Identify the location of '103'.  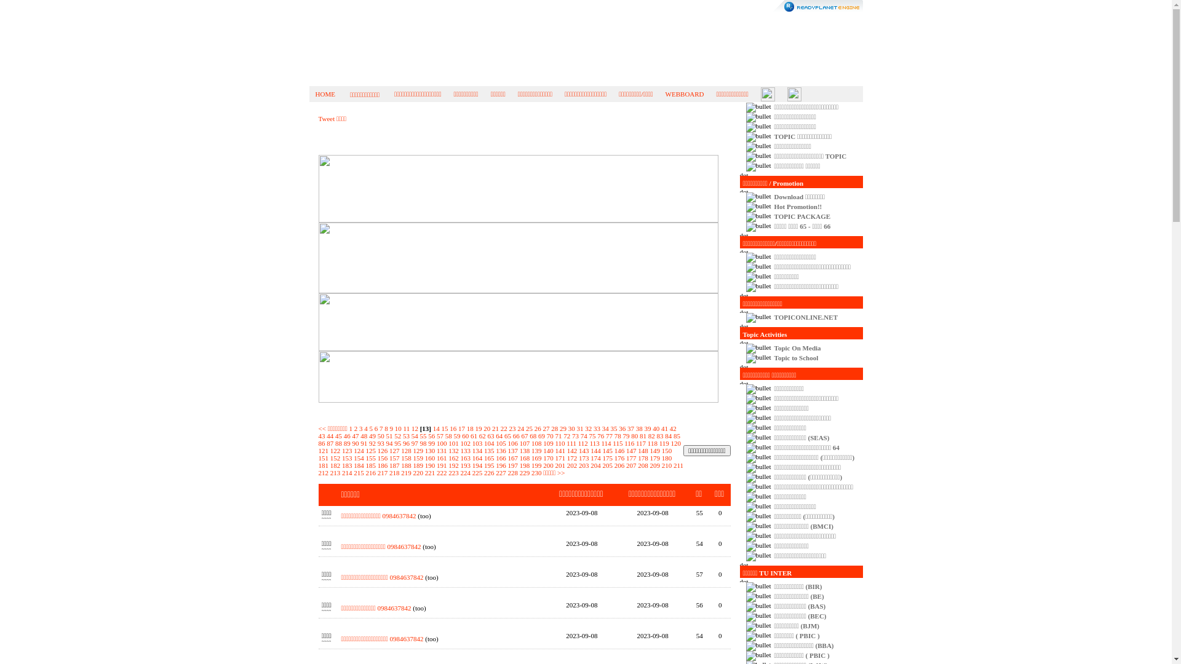
(477, 443).